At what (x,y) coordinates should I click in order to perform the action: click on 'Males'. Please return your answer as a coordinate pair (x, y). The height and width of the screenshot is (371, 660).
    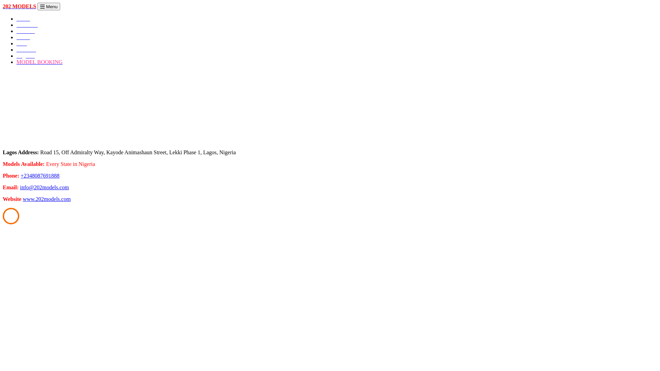
    Looking at the image, I should click on (23, 37).